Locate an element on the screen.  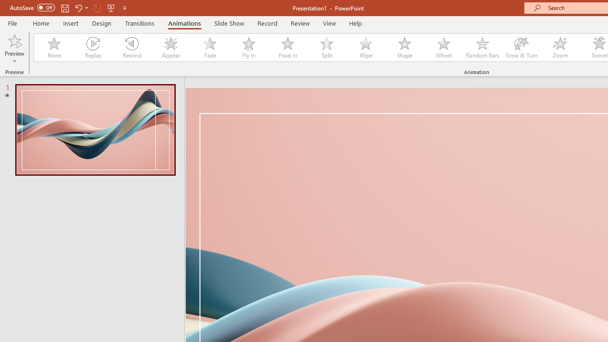
'Wipe' is located at coordinates (365, 47).